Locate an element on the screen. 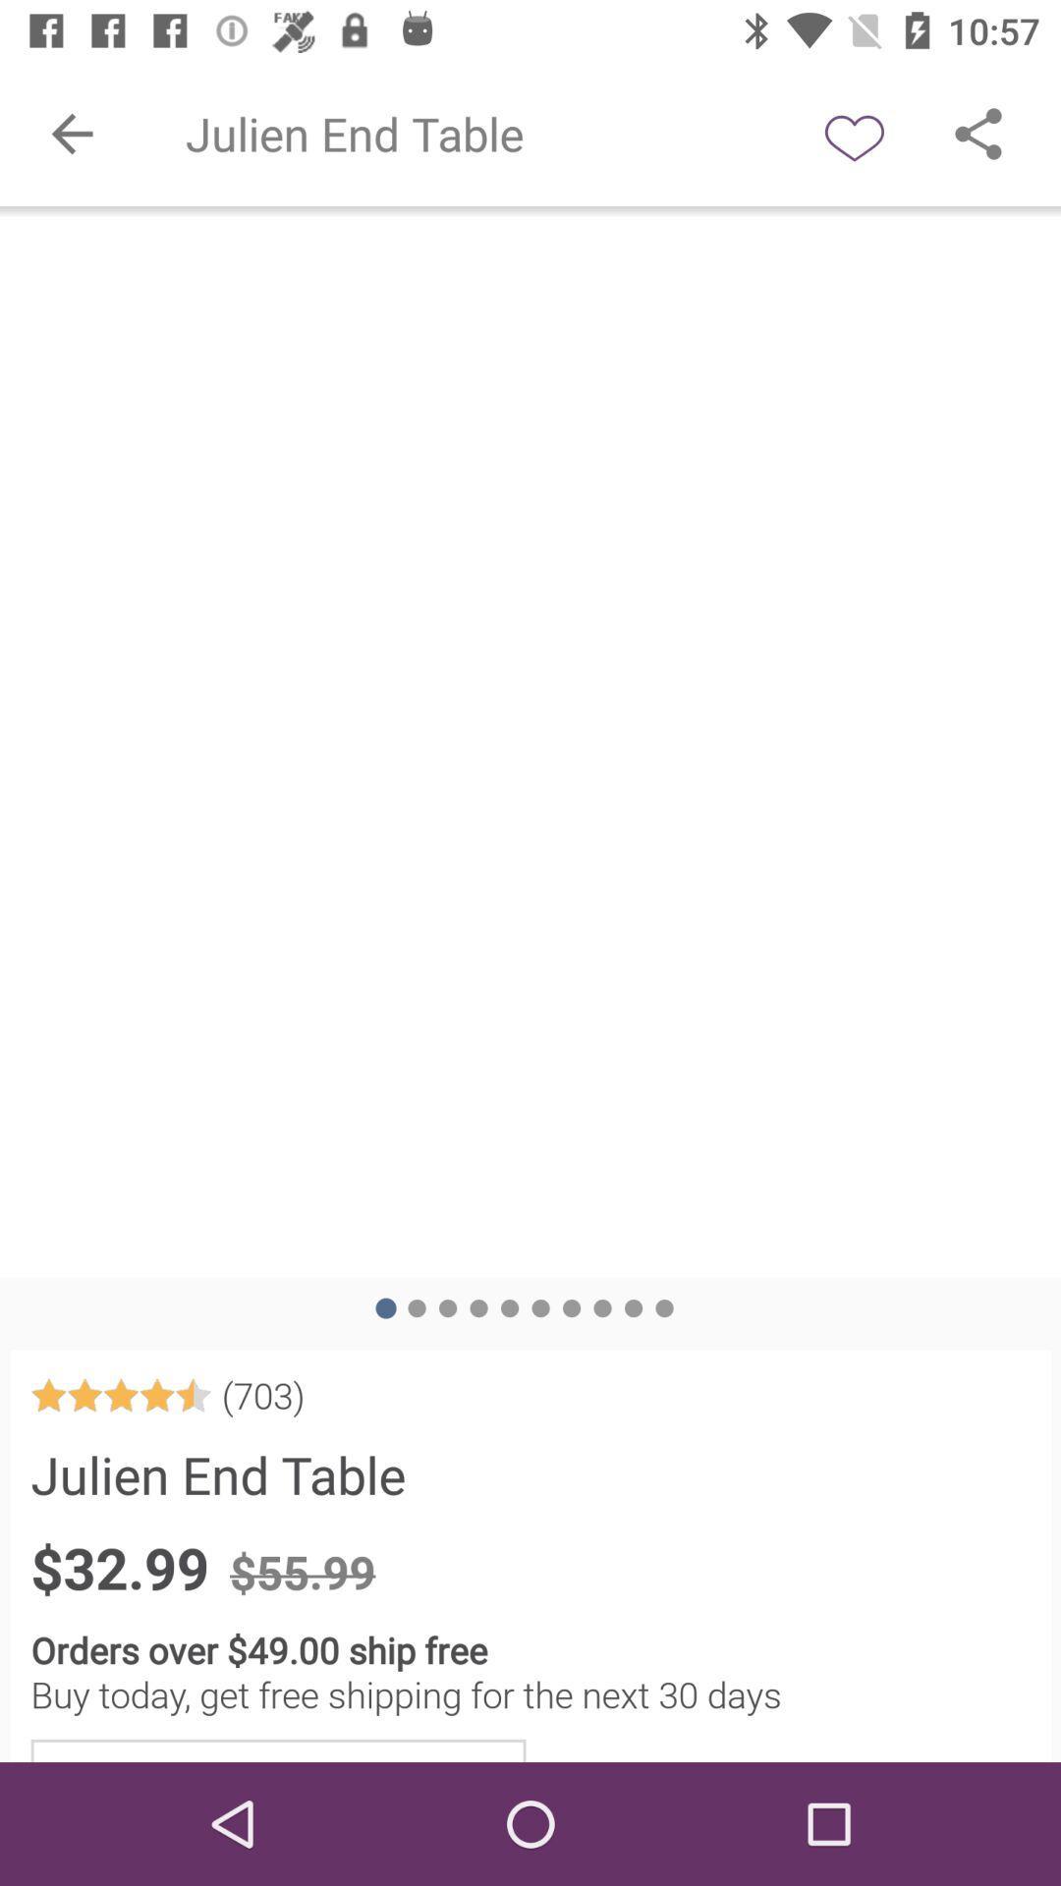 The image size is (1061, 1886). sharing option is located at coordinates (977, 133).